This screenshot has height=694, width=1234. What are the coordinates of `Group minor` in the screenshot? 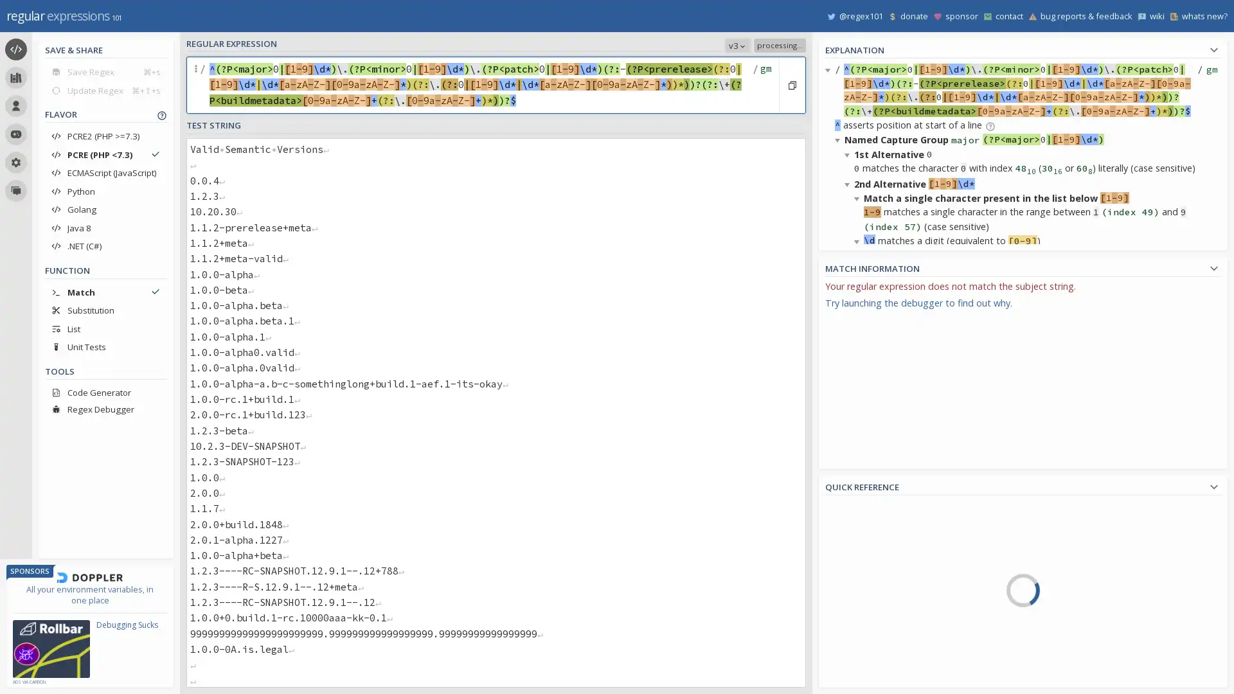 It's located at (882, 659).